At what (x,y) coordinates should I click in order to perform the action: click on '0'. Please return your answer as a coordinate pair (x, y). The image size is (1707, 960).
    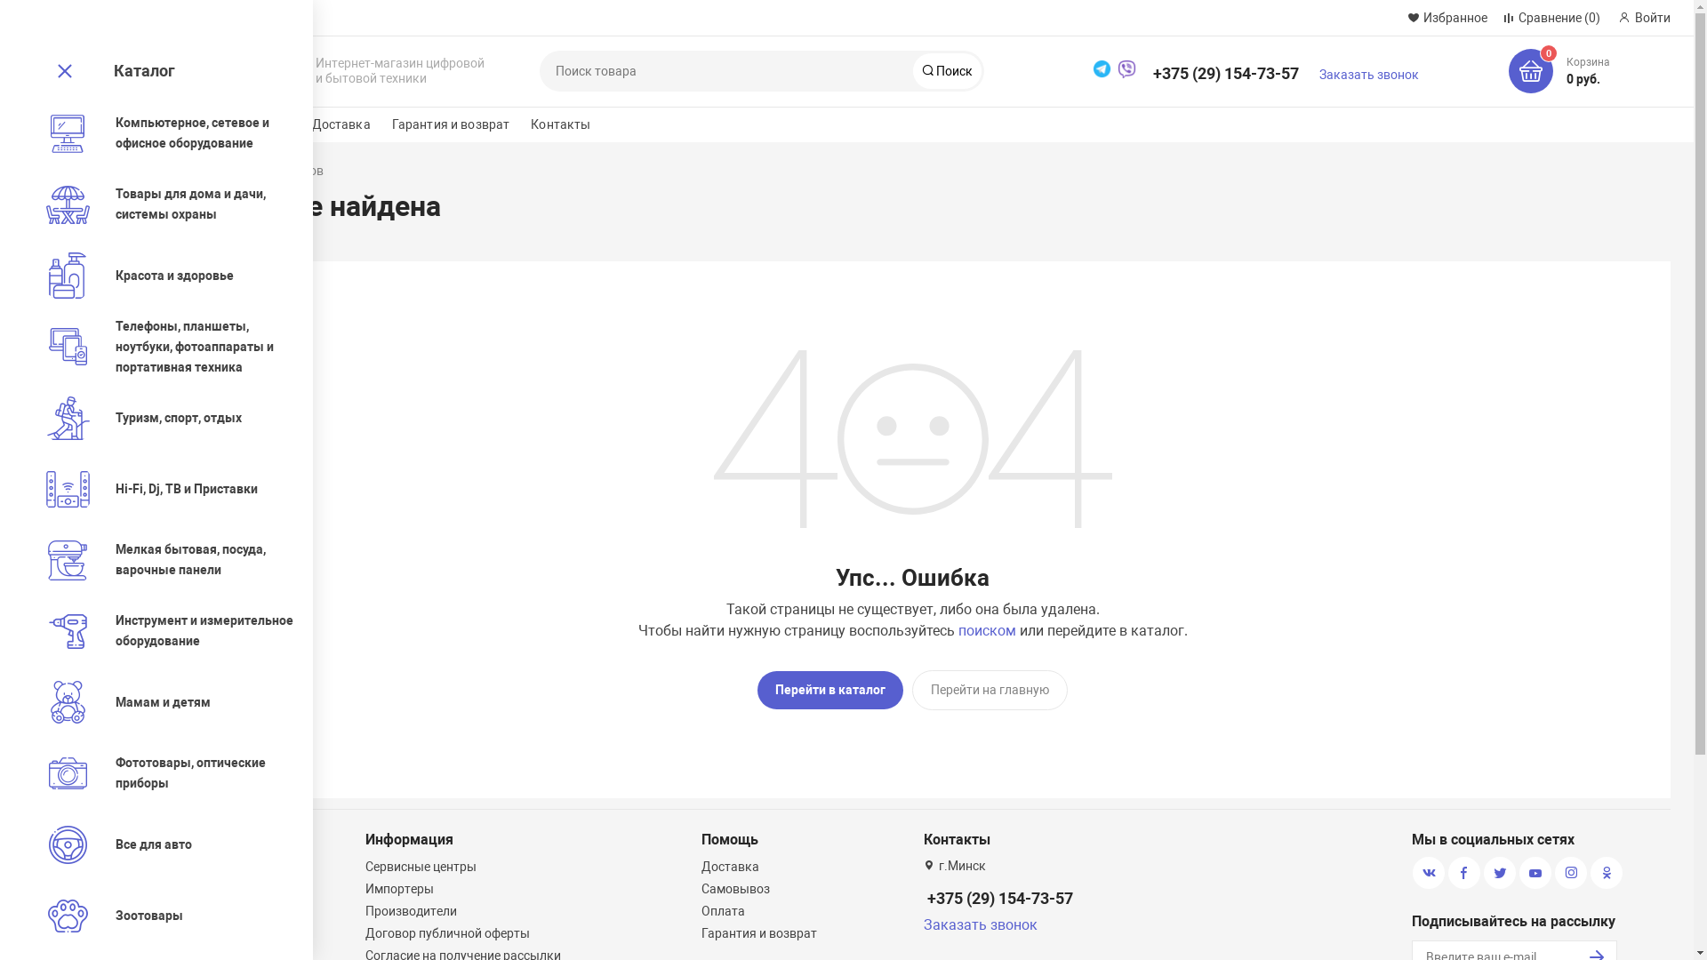
    Looking at the image, I should click on (1530, 70).